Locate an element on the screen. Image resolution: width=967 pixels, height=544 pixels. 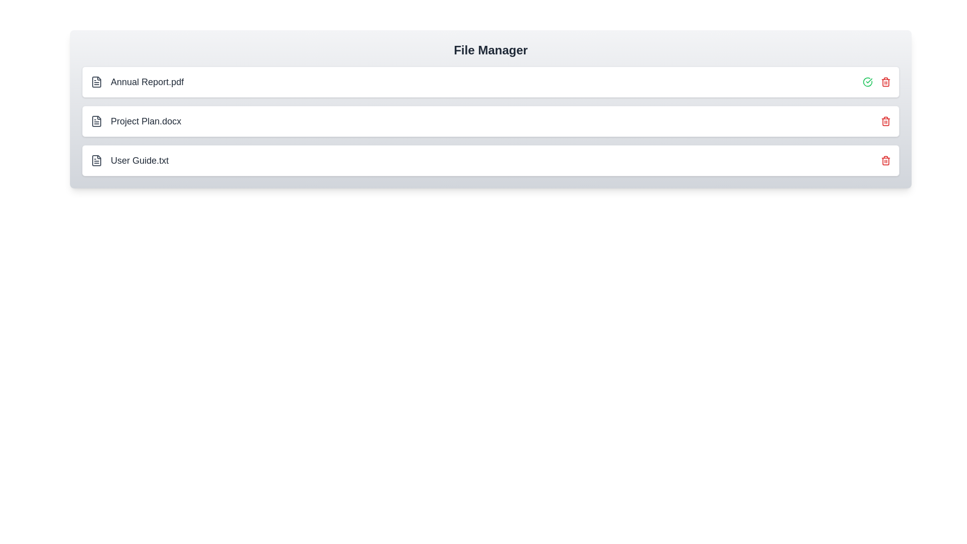
the visual indicator icon that resembles a sheet of paper with a folded corner, located to the left of the 'User Guide.txt' entry in the file list is located at coordinates (97, 160).